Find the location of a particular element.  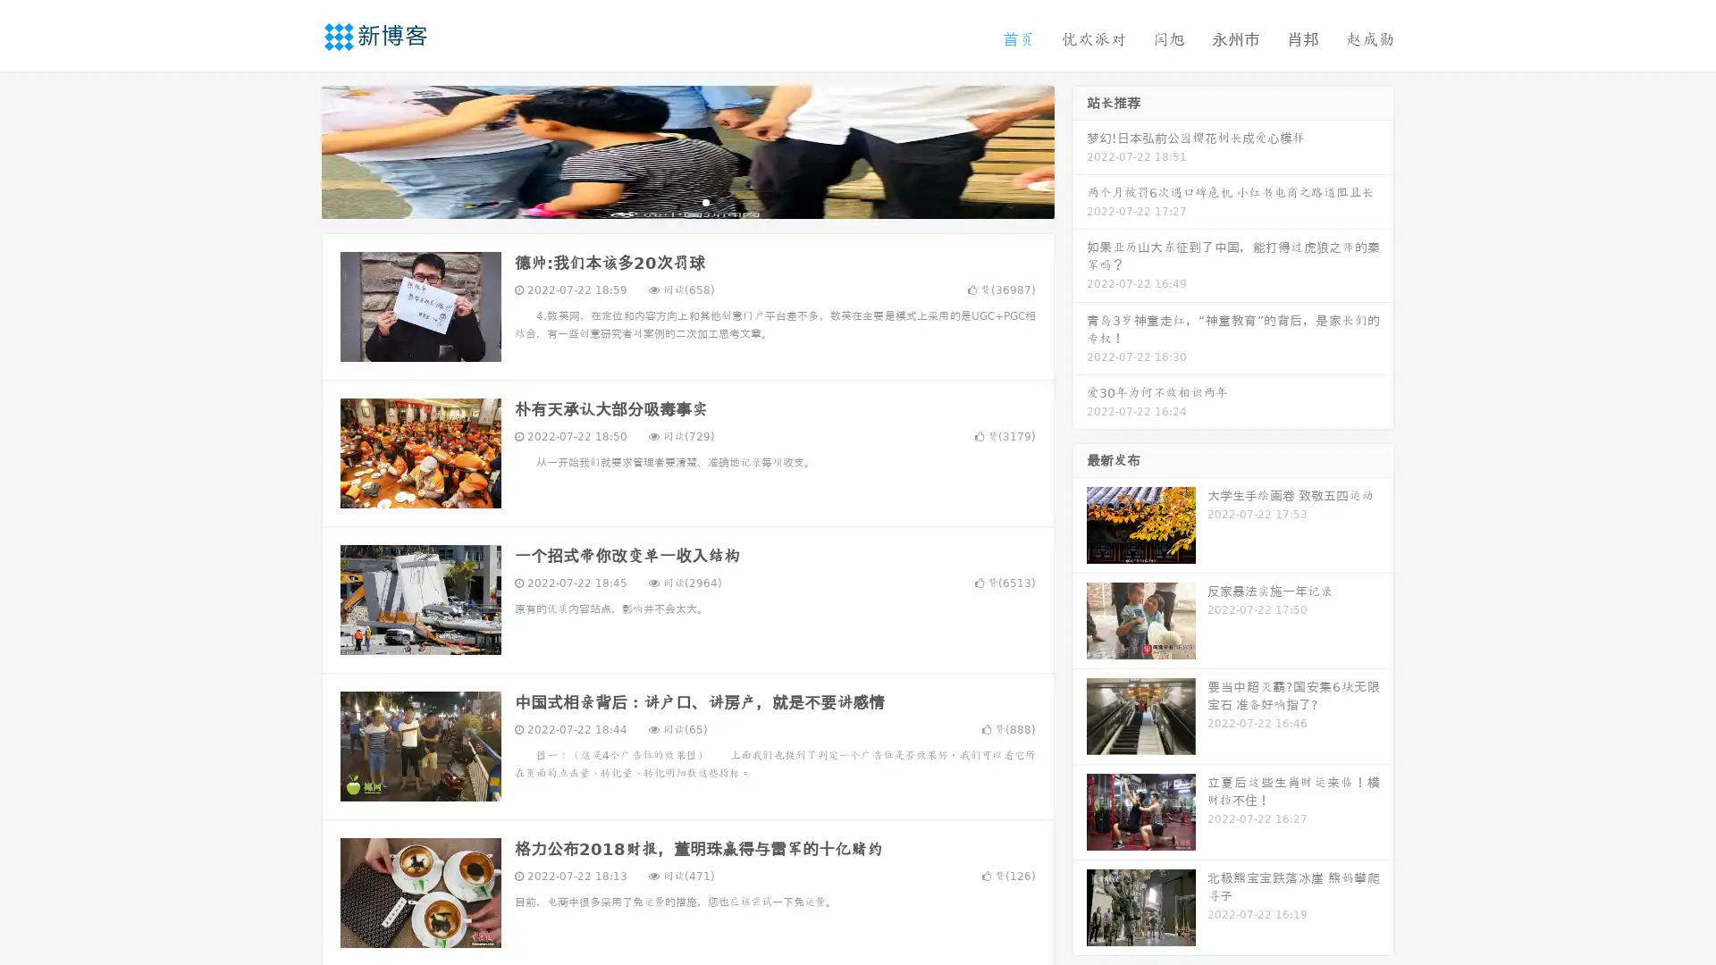

Go to slide 2 is located at coordinates (686, 201).